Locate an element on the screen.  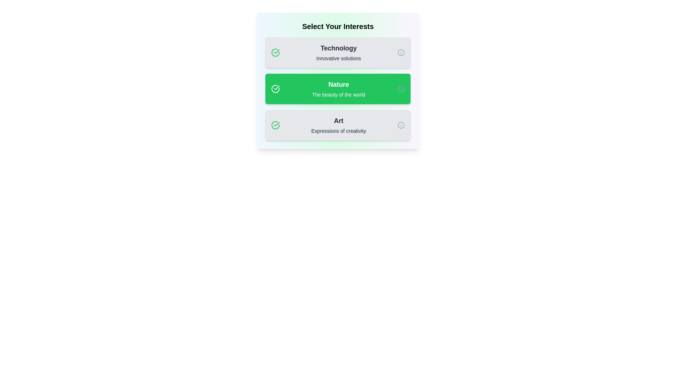
the info icon next to the tag labeled 'Nature' to read its description is located at coordinates (400, 89).